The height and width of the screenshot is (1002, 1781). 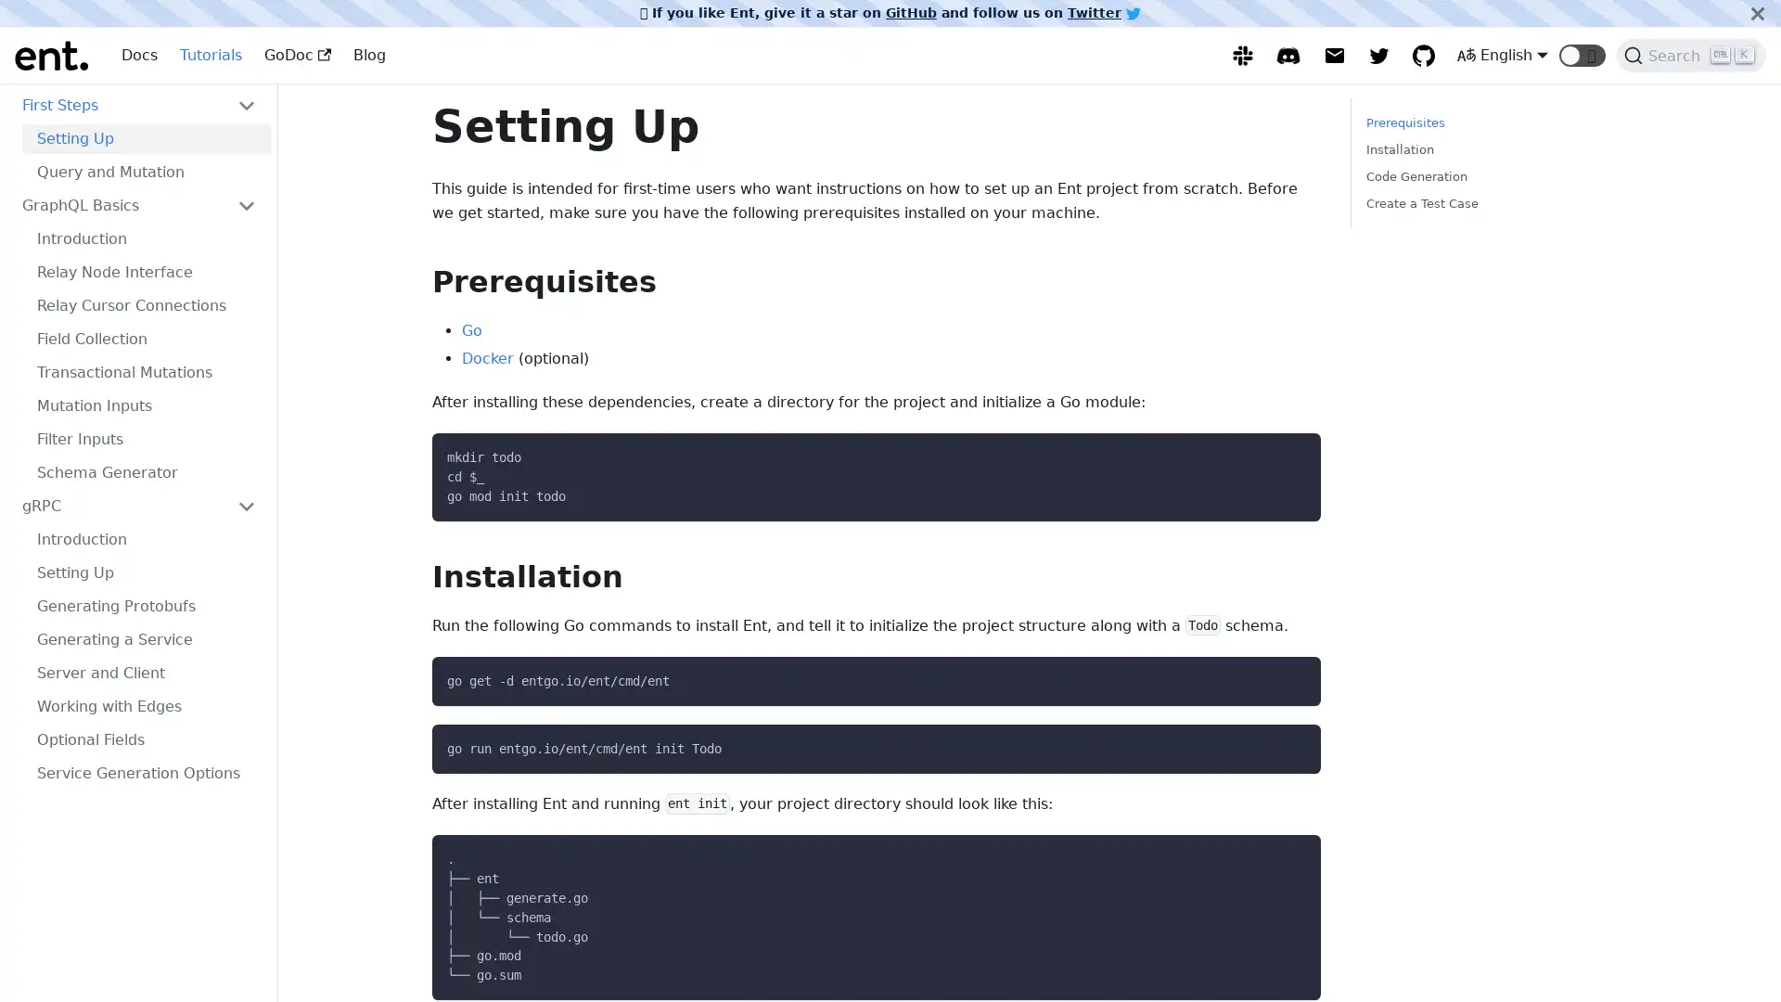 What do you see at coordinates (1289, 676) in the screenshot?
I see `Copy code to clipboard` at bounding box center [1289, 676].